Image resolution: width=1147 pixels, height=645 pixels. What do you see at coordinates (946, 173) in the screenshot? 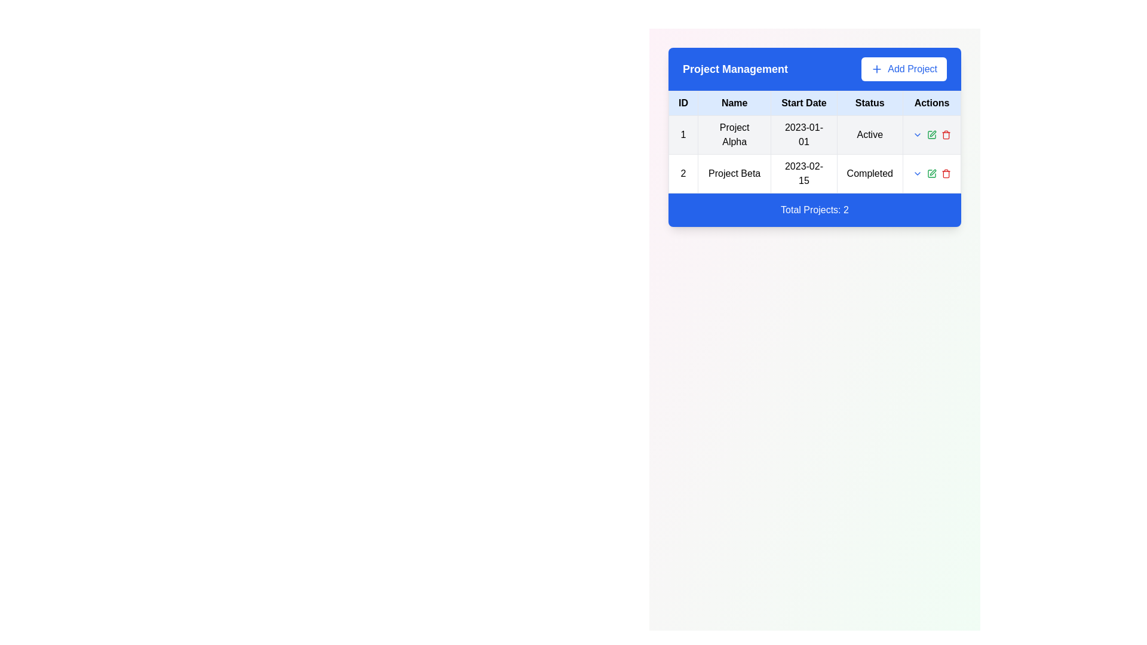
I see `the red trash icon button in the 'Actions' column of the second row of the table` at bounding box center [946, 173].